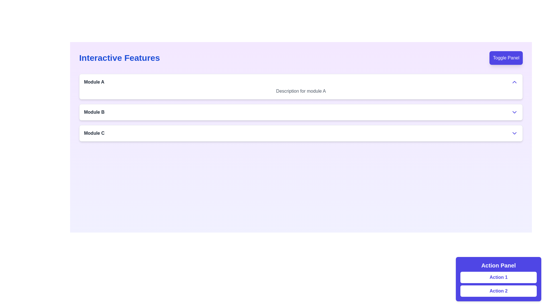 This screenshot has width=547, height=307. I want to click on the chevron icon button located on the right-hand side of the 'Module C' row, so click(514, 133).